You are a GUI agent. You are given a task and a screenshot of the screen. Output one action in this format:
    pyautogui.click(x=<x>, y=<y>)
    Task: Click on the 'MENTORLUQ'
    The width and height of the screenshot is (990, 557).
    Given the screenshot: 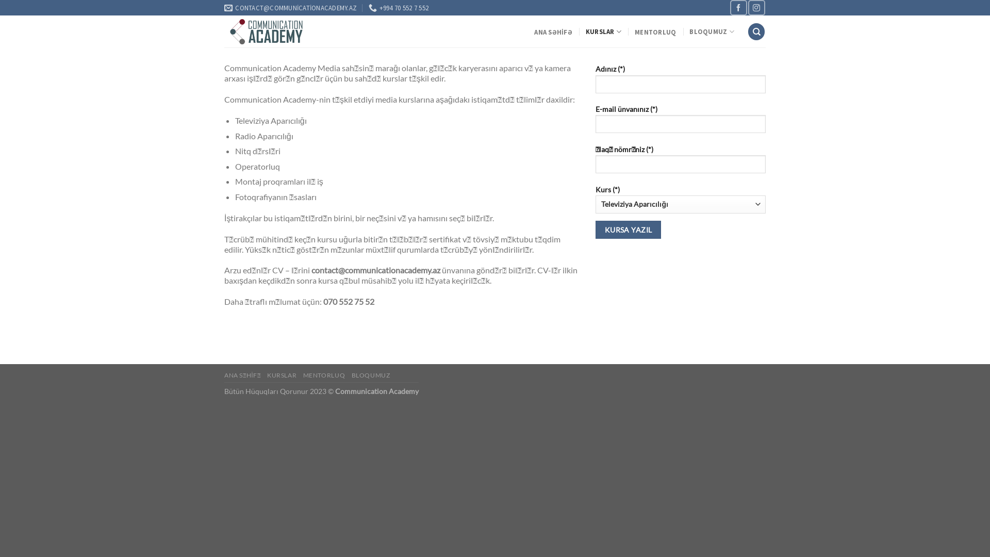 What is the action you would take?
    pyautogui.click(x=634, y=31)
    